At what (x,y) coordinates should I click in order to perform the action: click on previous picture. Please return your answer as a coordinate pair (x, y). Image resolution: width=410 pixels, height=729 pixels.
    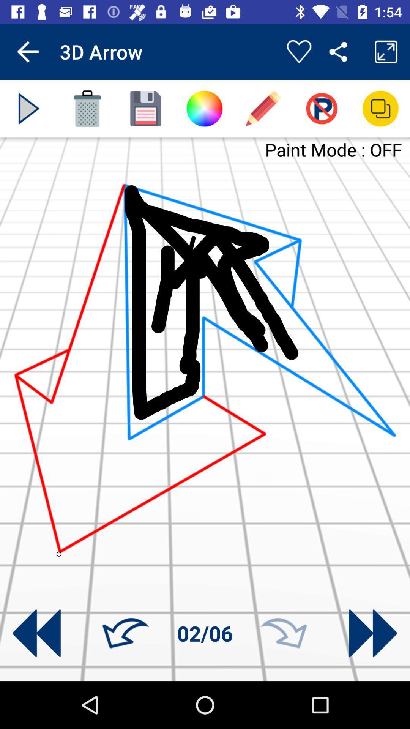
    Looking at the image, I should click on (36, 633).